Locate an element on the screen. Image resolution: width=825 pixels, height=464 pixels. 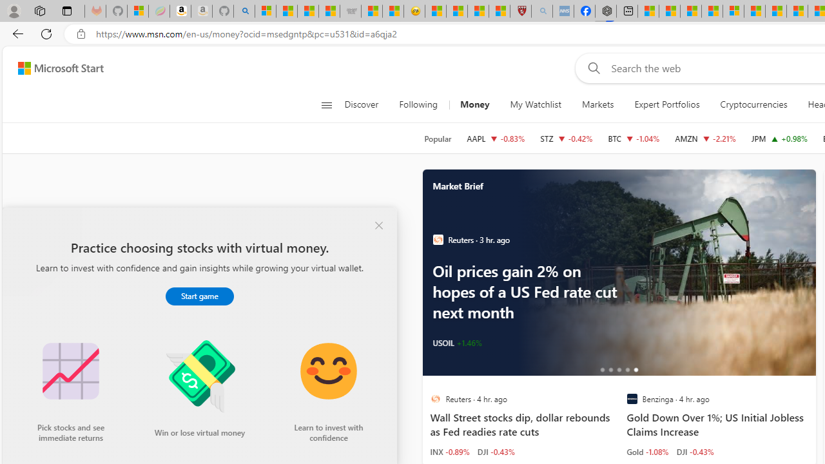
'Refresh' is located at coordinates (46, 33).